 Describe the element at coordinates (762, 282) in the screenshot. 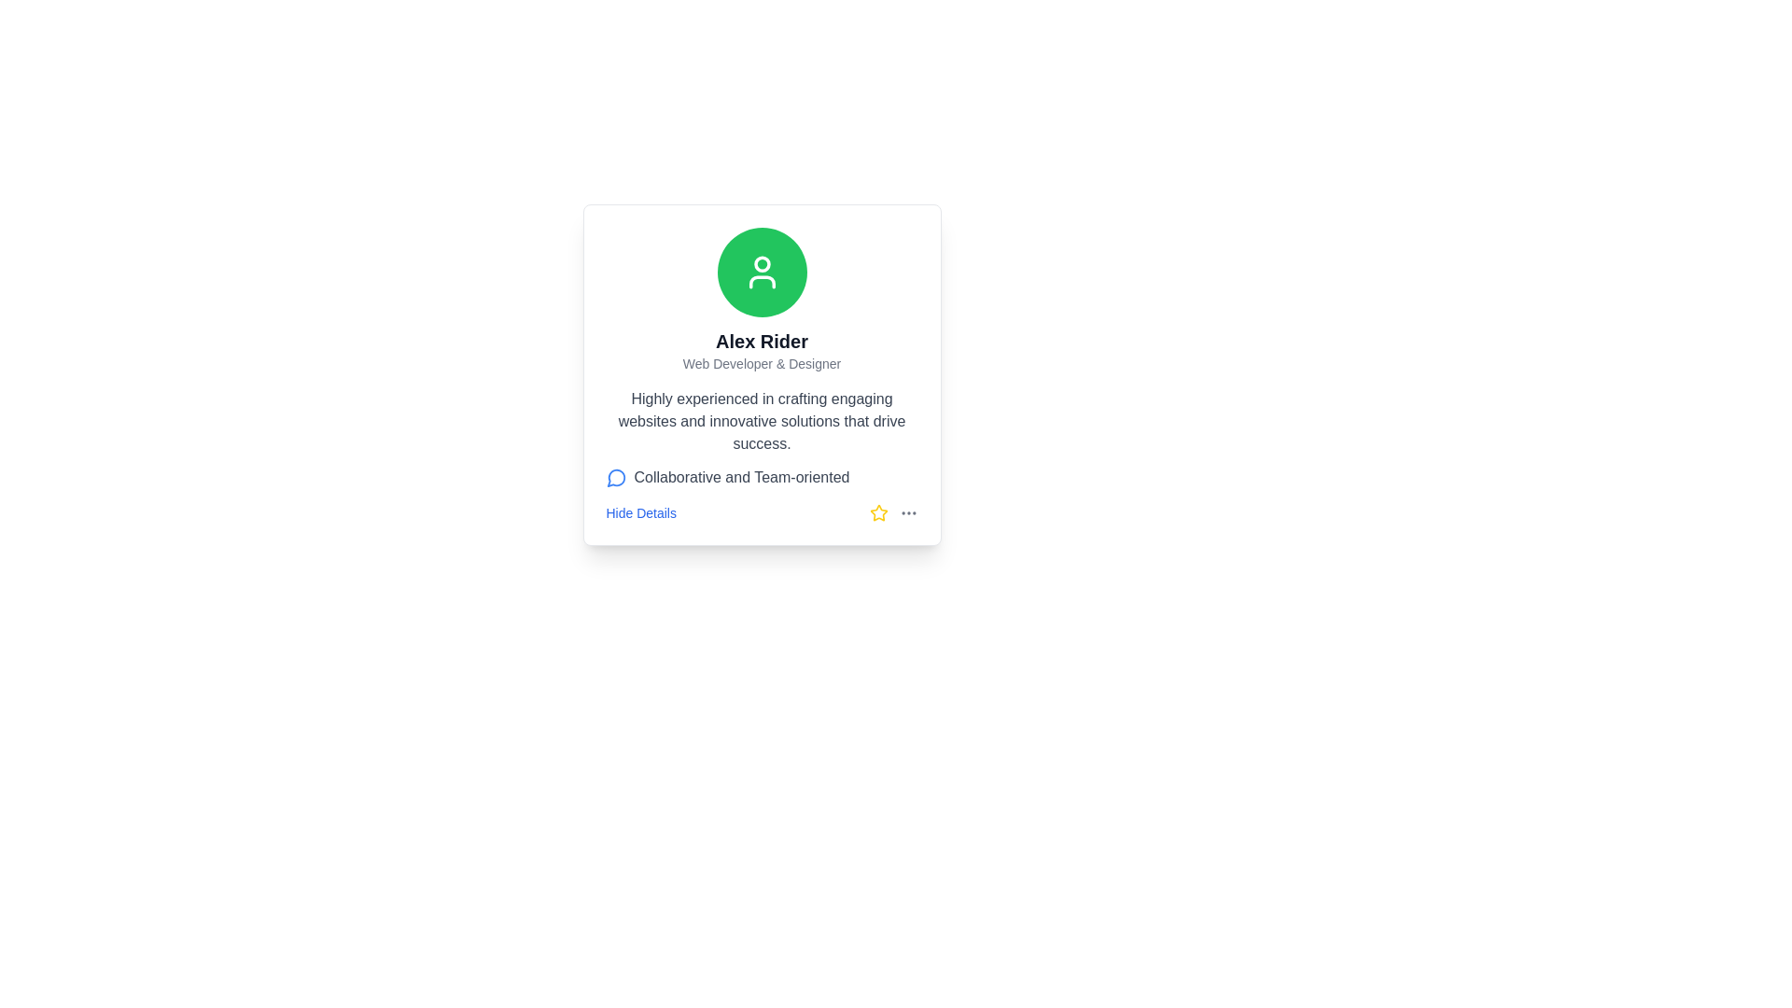

I see `the lower segment of the rectangular outline icon within the circular green icon located at the top center of the card featuring 'Alex Rider'` at that location.